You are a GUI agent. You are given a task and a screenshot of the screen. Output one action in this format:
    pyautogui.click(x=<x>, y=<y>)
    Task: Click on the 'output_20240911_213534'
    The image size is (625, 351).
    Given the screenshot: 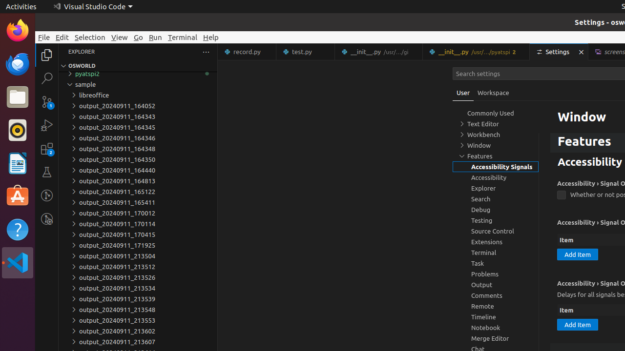 What is the action you would take?
    pyautogui.click(x=137, y=287)
    